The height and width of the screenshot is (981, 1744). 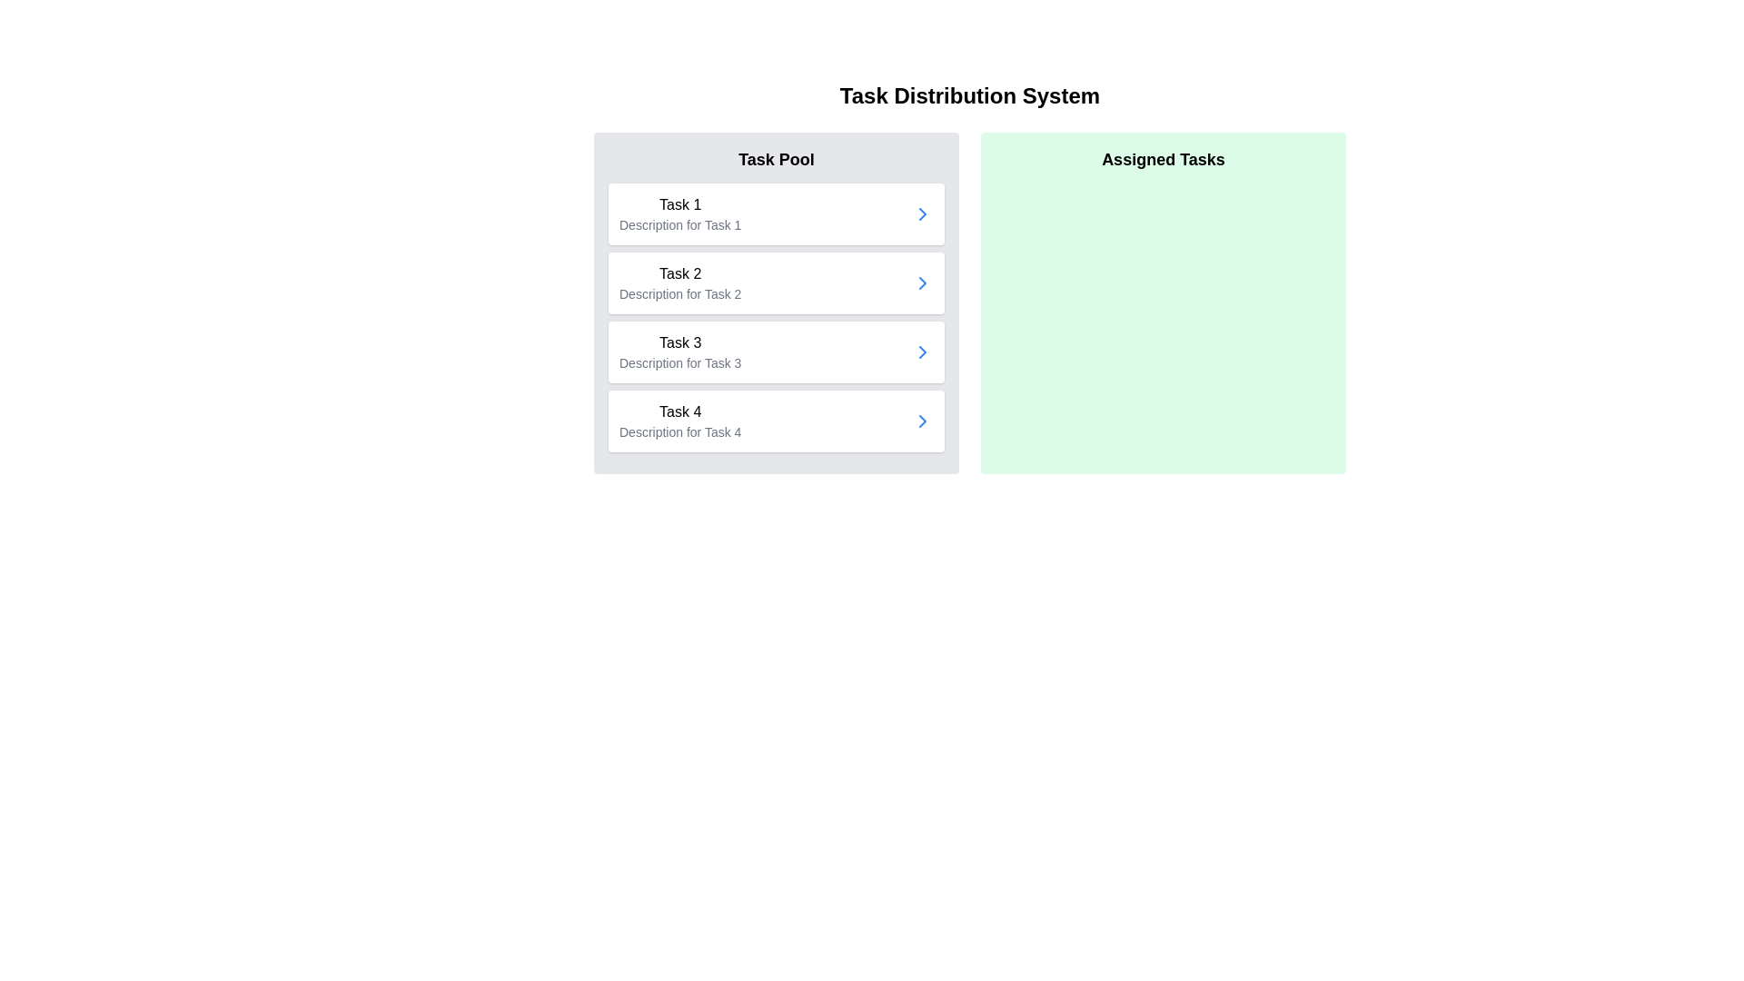 I want to click on the rightward chevron icon button, styled in blue, located at the far right side of the row labeled 'Task 3, Description for Task 3' in the 'Task Pool' list, so click(x=923, y=352).